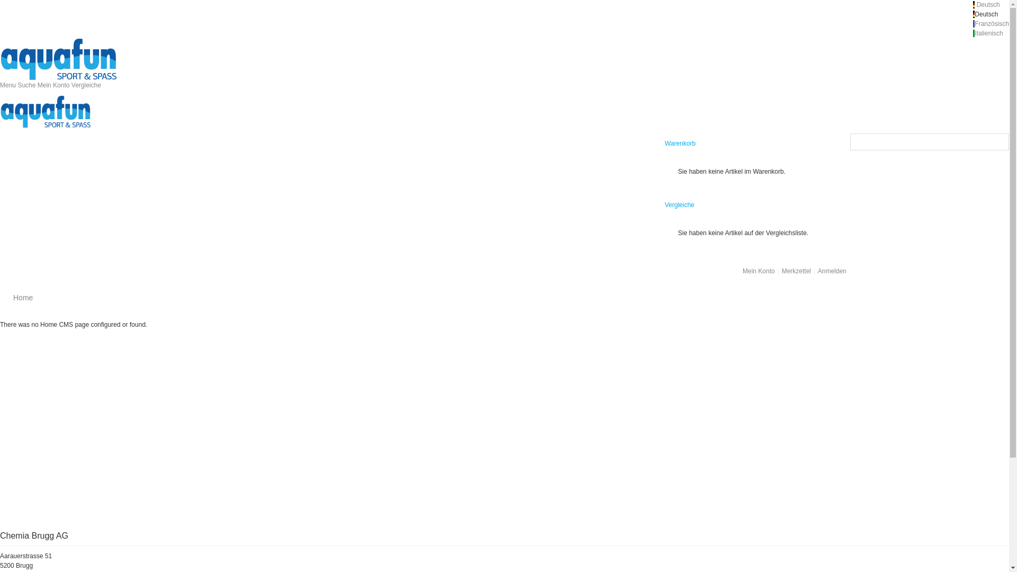  Describe the element at coordinates (70, 85) in the screenshot. I see `'Vergleiche'` at that location.